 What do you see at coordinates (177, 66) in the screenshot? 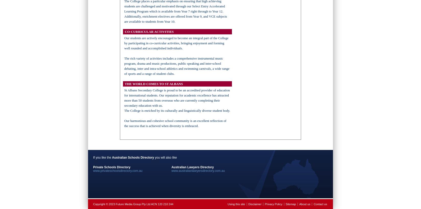
I see `'The rich variety of activities includes a comprehensive instrumental music program, drama and music productions, public speaking and inter-school debating, inter and intra-school athletics and swimming carnivals, a wide range of sports and a range of student clubs.'` at bounding box center [177, 66].